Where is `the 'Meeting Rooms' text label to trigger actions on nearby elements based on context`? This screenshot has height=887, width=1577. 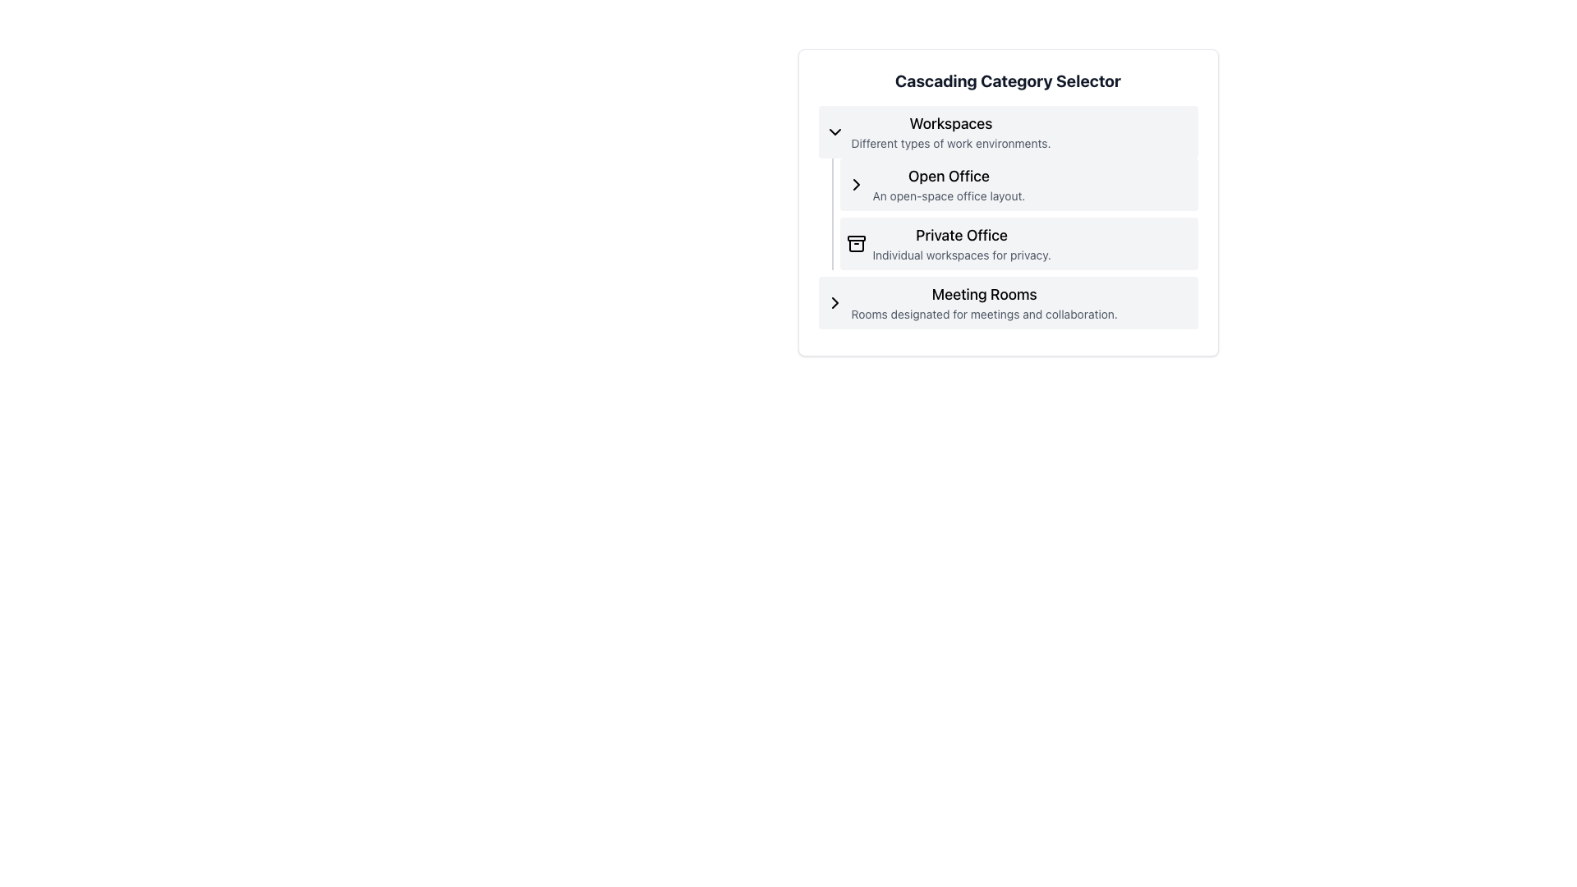
the 'Meeting Rooms' text label to trigger actions on nearby elements based on context is located at coordinates (984, 293).